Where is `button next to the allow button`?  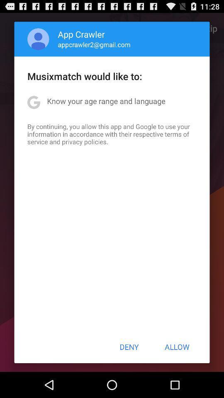 button next to the allow button is located at coordinates (129, 347).